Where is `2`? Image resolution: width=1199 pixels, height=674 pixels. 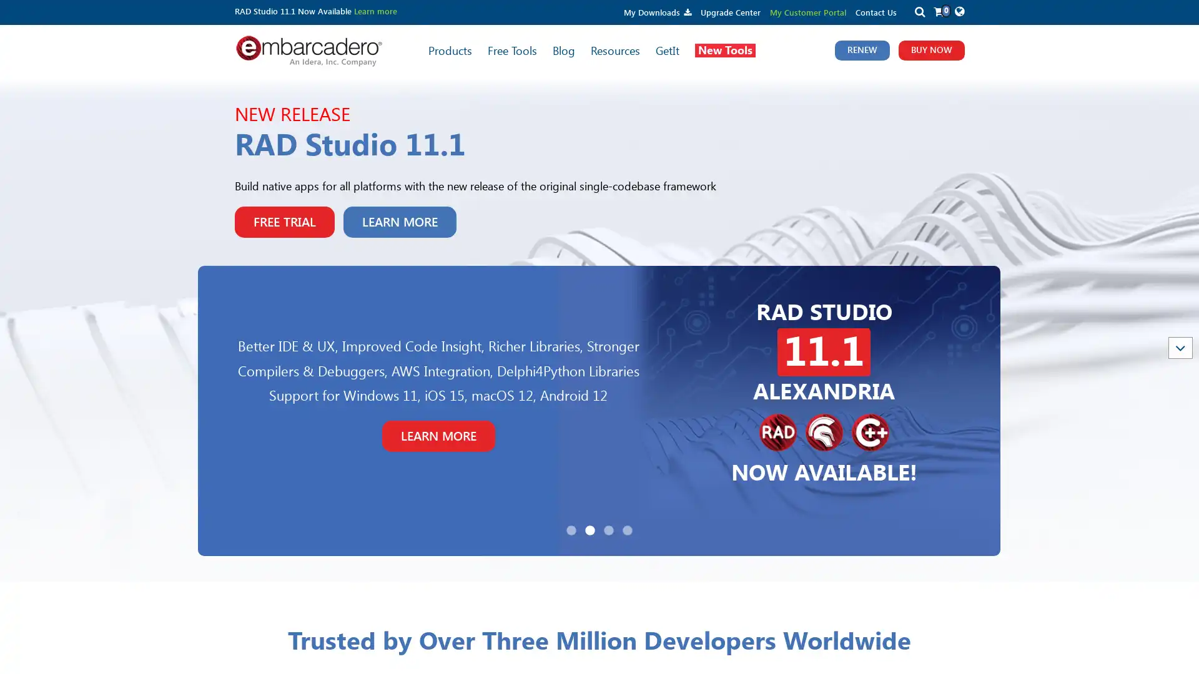 2 is located at coordinates (590, 530).